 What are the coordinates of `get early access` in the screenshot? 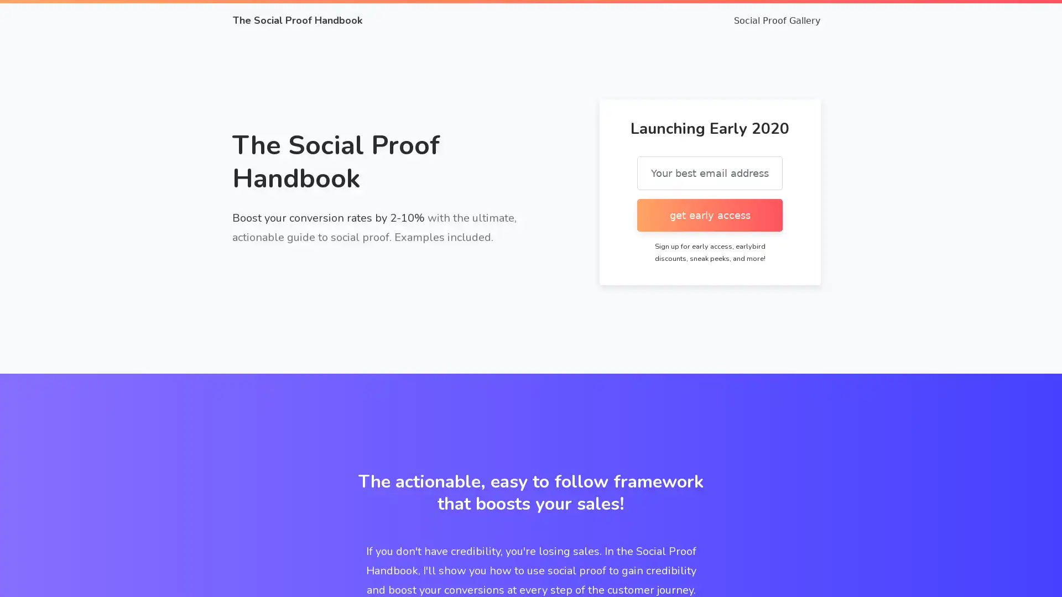 It's located at (710, 215).